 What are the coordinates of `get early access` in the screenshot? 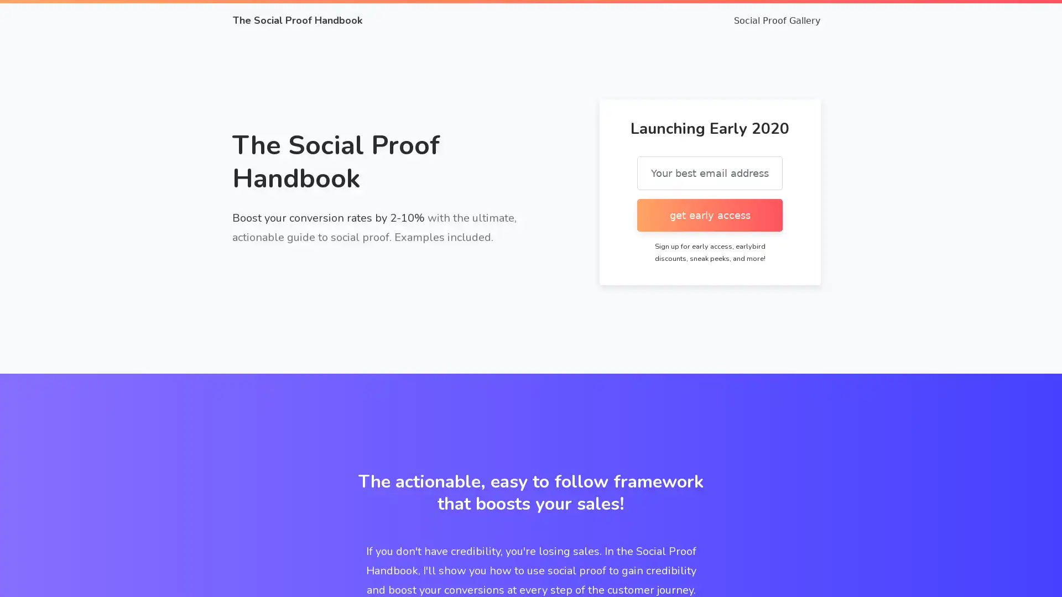 It's located at (710, 215).